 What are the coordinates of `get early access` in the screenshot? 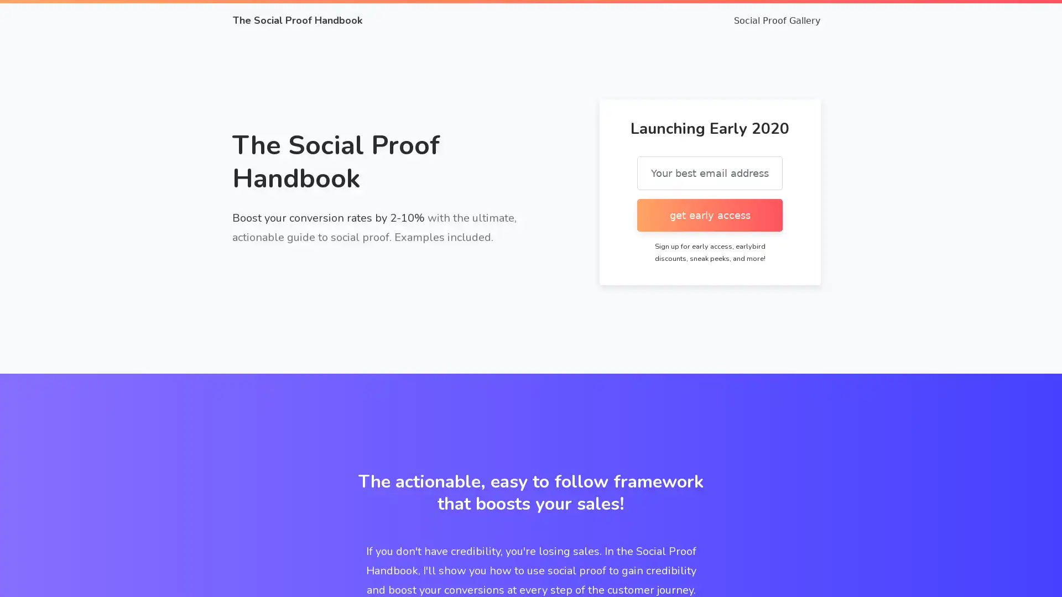 It's located at (710, 215).